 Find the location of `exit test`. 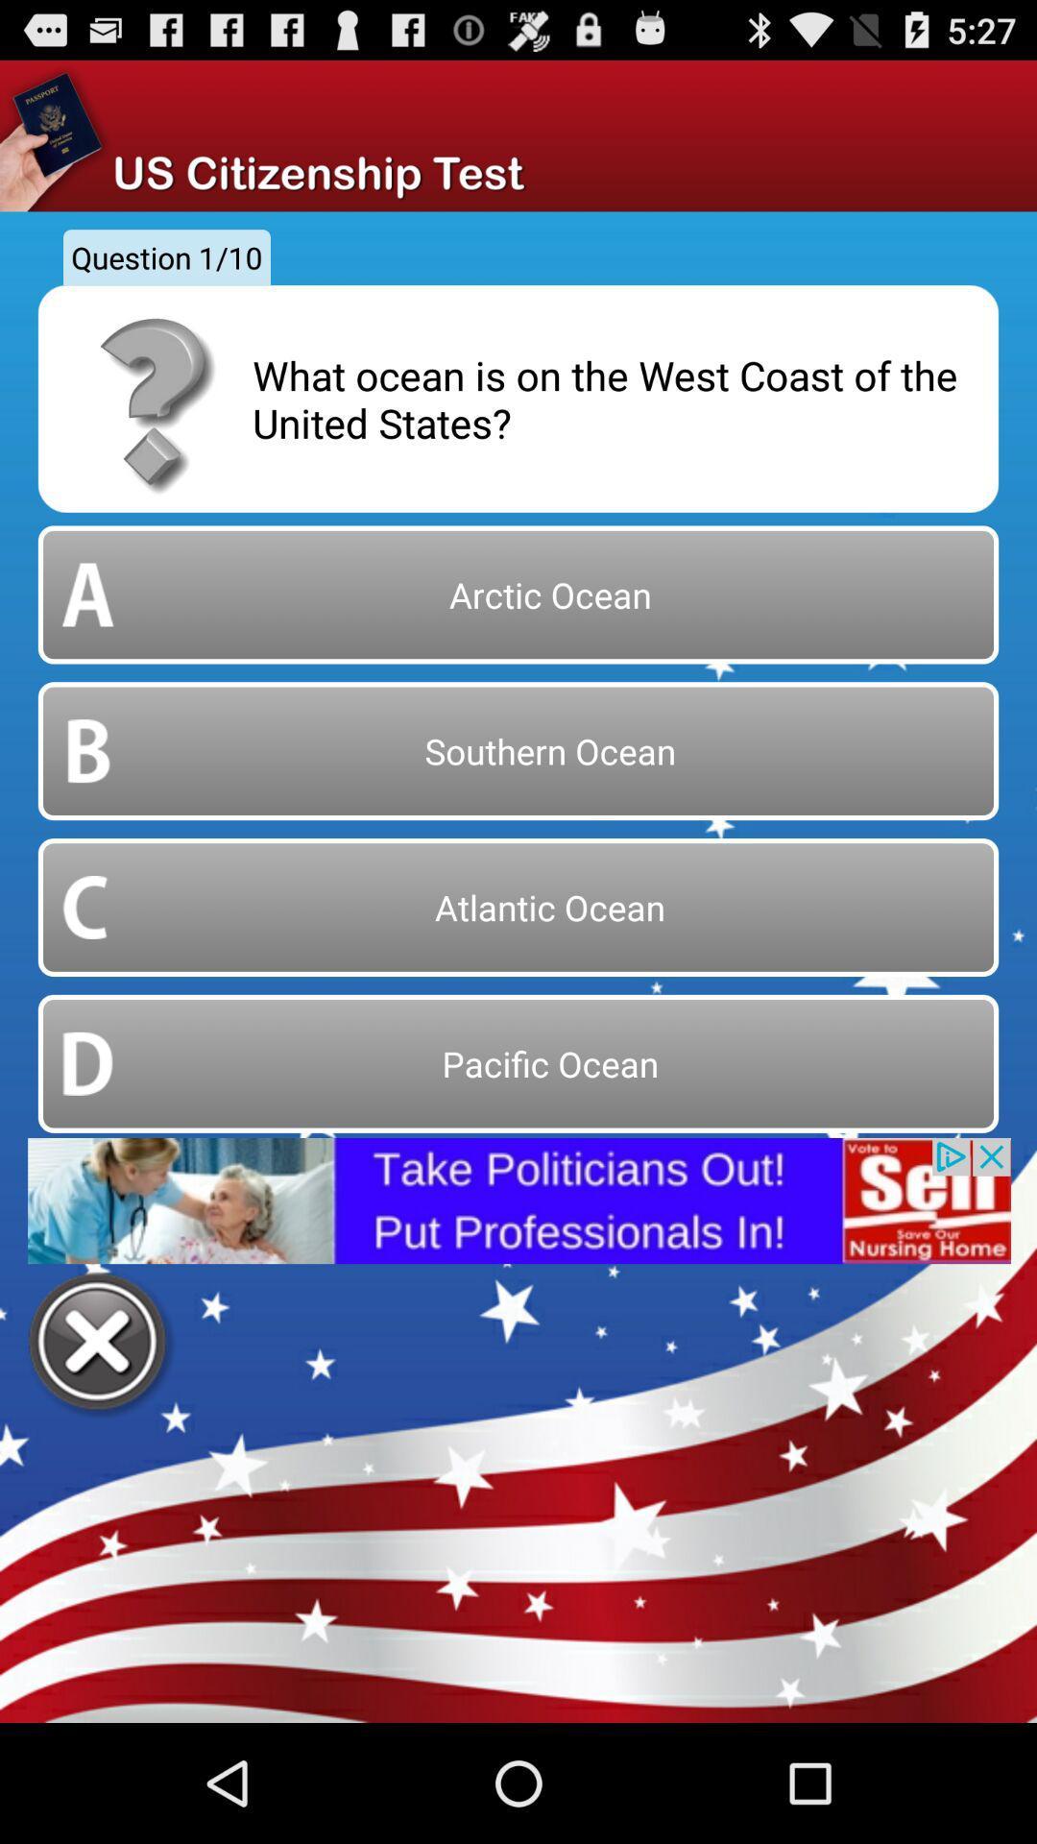

exit test is located at coordinates (100, 1344).